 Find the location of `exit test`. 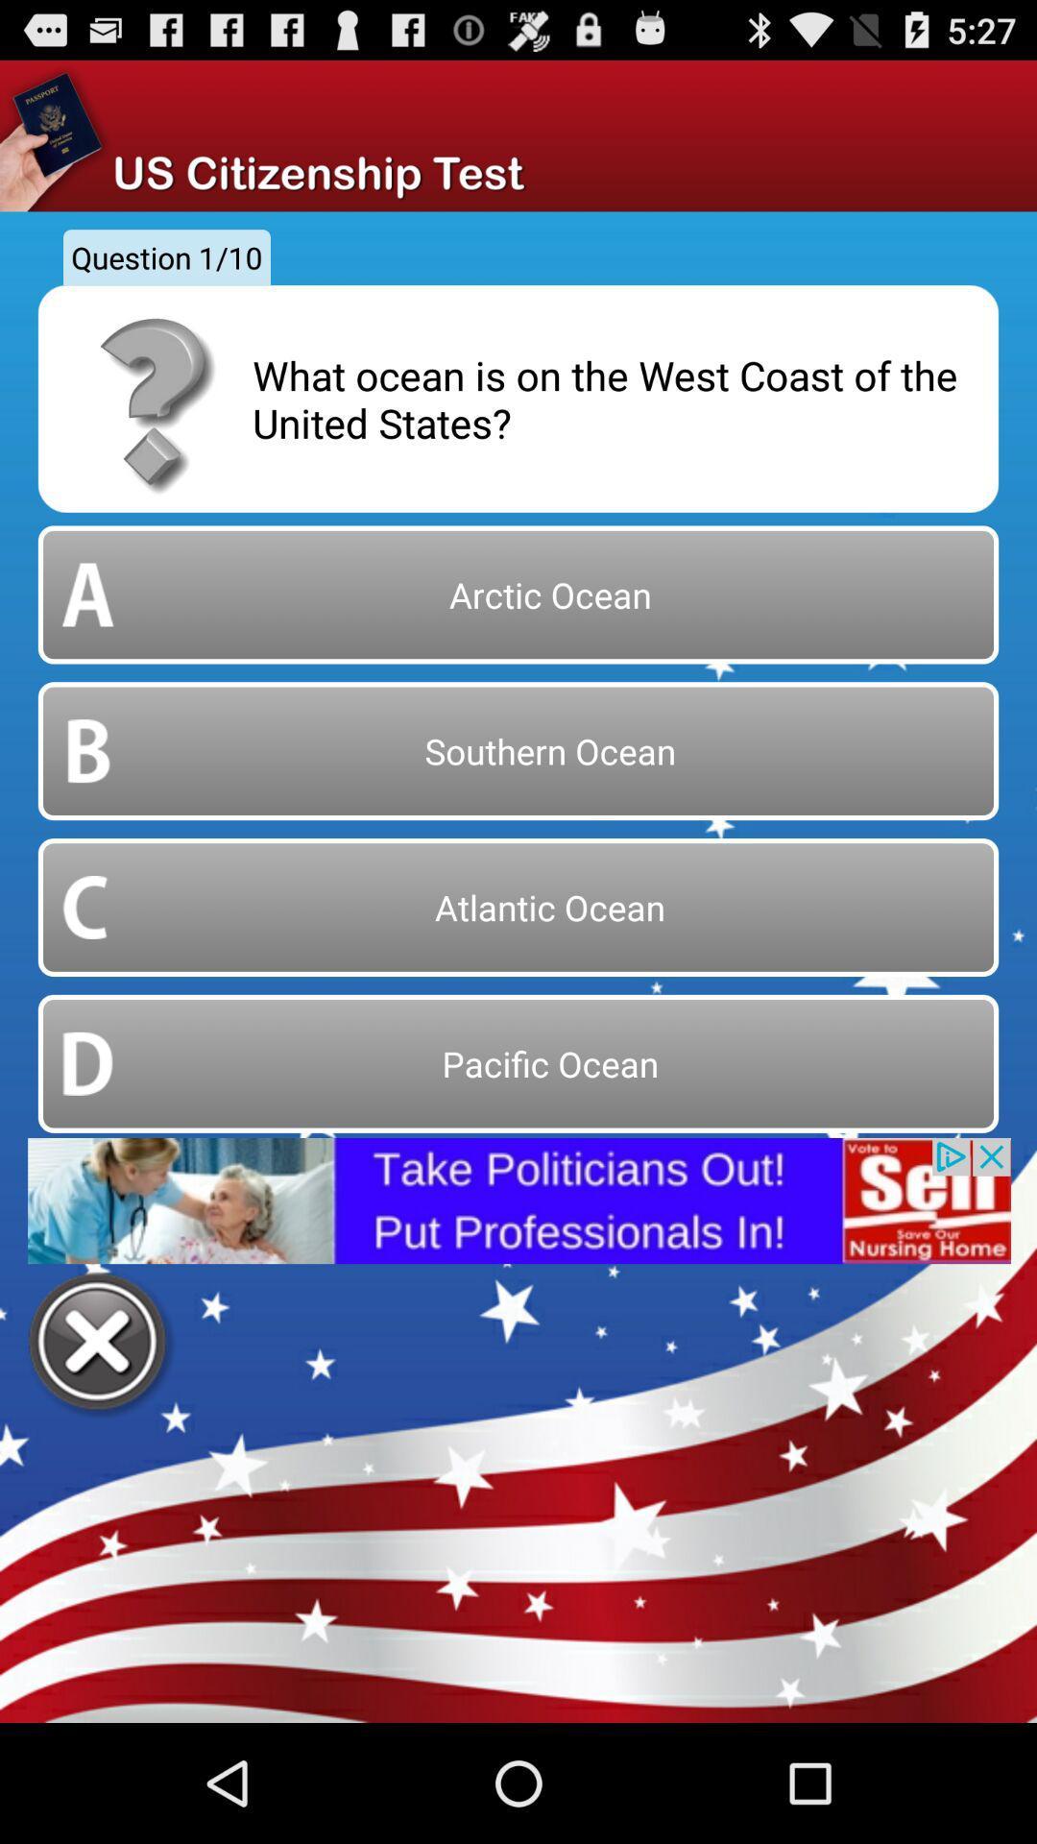

exit test is located at coordinates (100, 1344).